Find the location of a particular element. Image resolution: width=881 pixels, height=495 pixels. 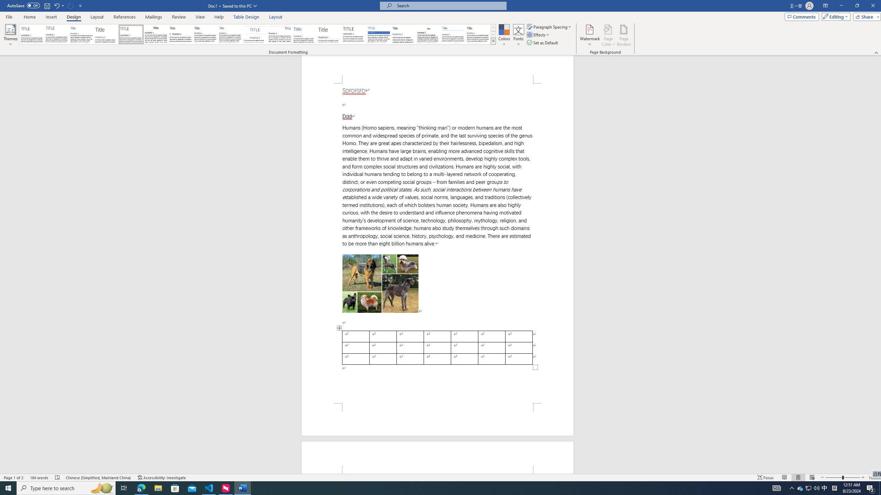

'Effects' is located at coordinates (539, 34).